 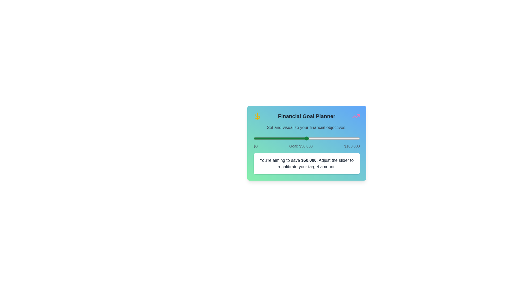 I want to click on the slider to set the financial goal to 31723 dollars, so click(x=287, y=138).